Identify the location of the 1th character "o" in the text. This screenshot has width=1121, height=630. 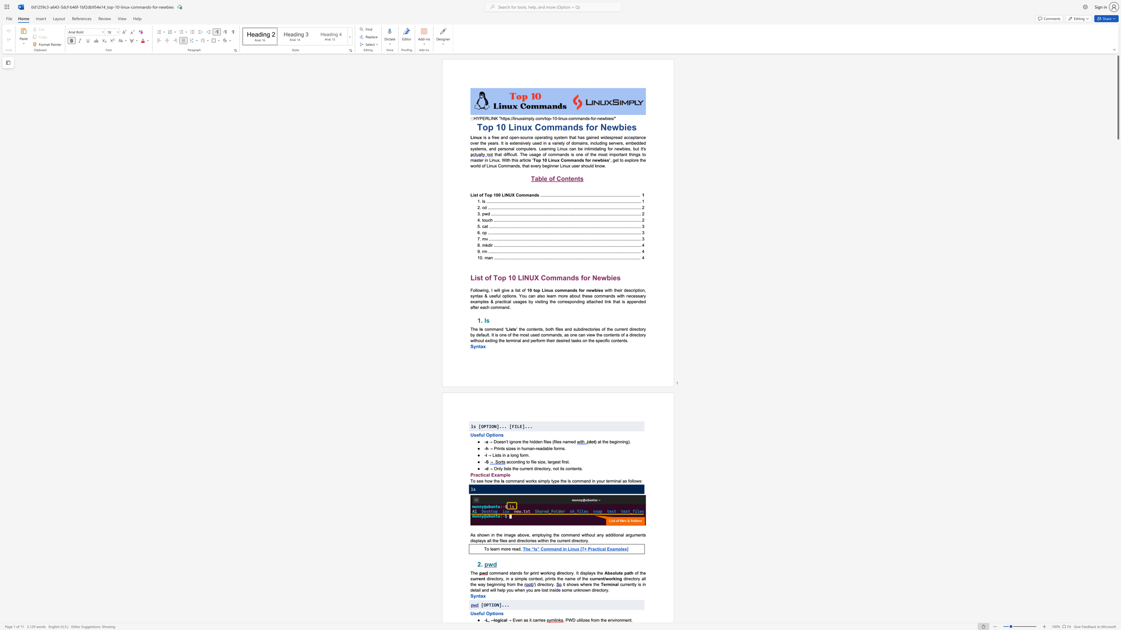
(492, 573).